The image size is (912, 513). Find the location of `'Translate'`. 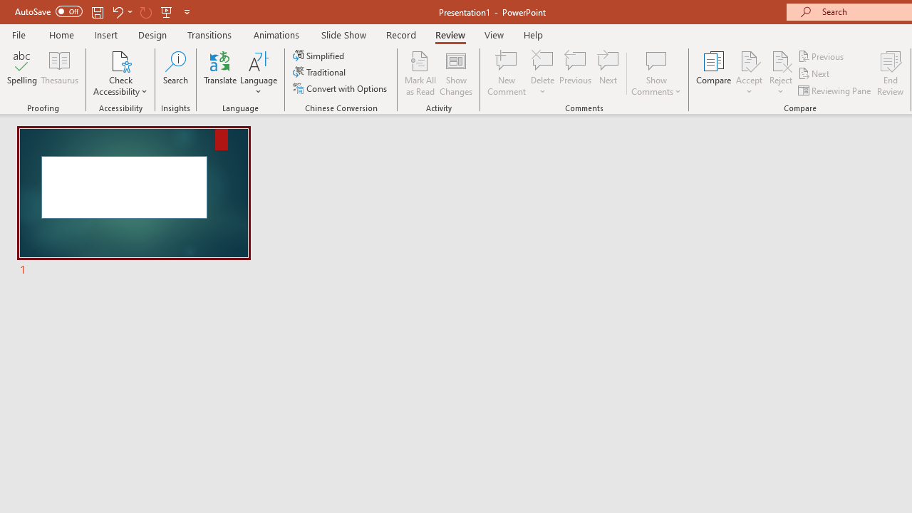

'Translate' is located at coordinates (219, 73).